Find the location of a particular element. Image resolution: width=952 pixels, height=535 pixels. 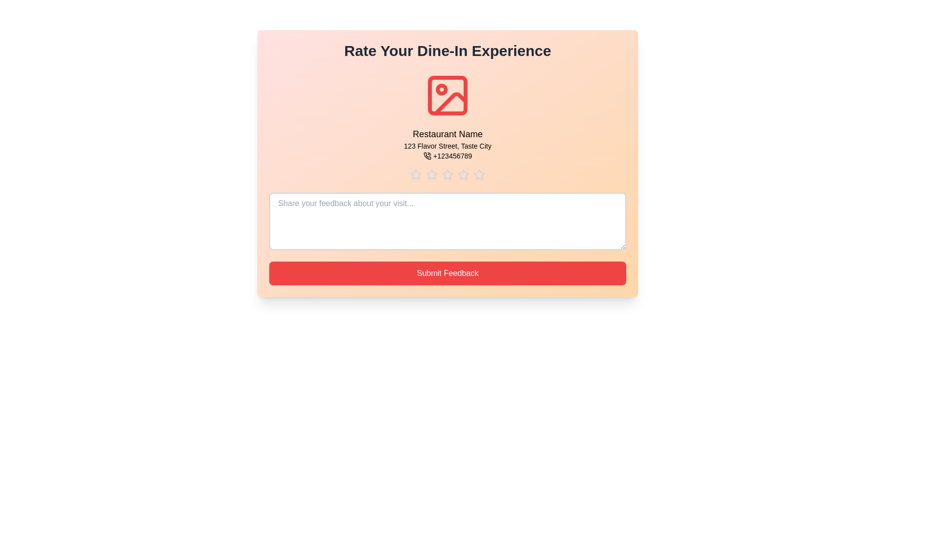

the restaurant image to view details is located at coordinates (447, 95).